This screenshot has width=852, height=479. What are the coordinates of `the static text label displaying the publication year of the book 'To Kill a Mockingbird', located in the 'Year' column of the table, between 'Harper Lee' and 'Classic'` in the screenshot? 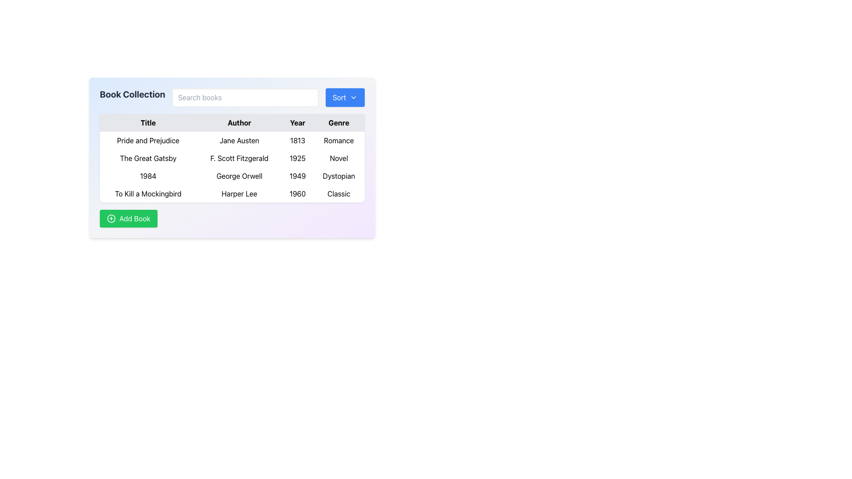 It's located at (297, 193).